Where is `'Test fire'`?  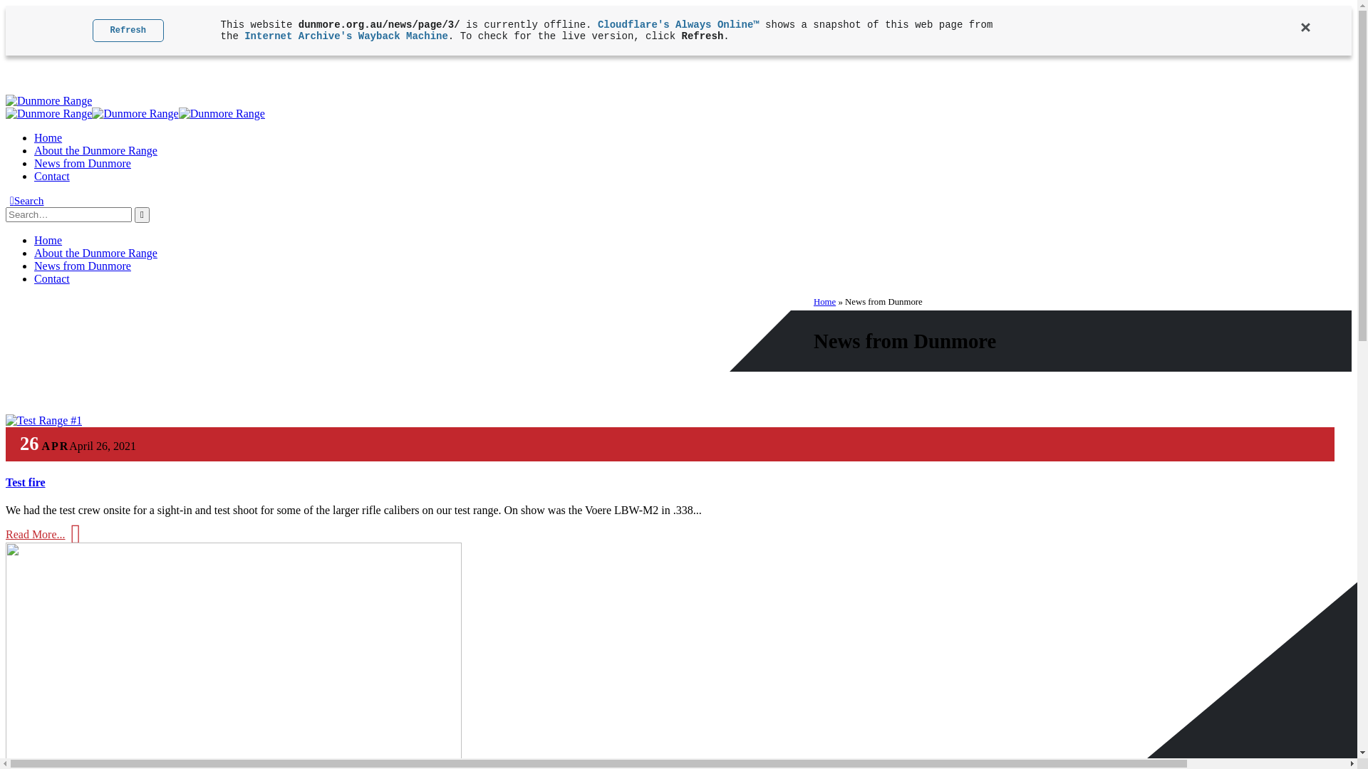
'Test fire' is located at coordinates (6, 481).